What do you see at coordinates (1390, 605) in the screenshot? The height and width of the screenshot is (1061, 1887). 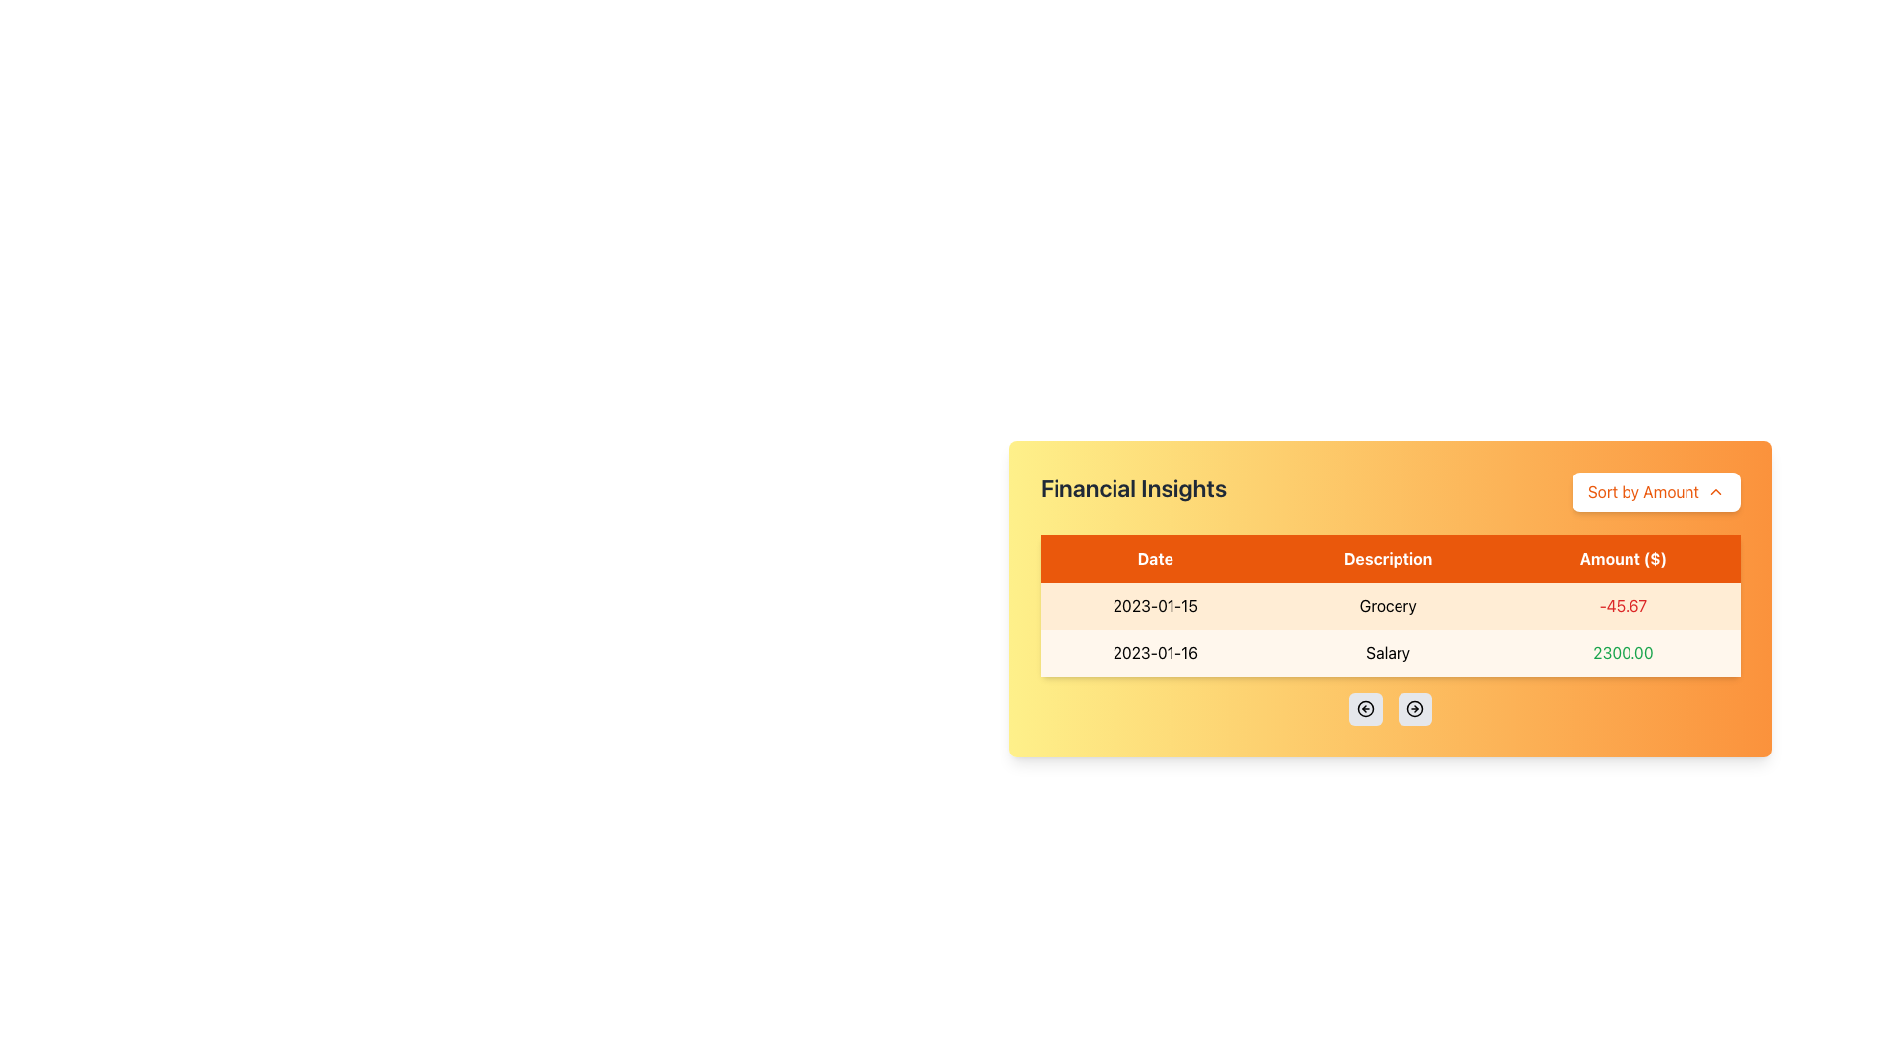 I see `text from the 'Grocery' label located in the first row of the table under the 'Description' column, which has a light orange background and is centered between '2023-01-15' and '-45.67'` at bounding box center [1390, 605].